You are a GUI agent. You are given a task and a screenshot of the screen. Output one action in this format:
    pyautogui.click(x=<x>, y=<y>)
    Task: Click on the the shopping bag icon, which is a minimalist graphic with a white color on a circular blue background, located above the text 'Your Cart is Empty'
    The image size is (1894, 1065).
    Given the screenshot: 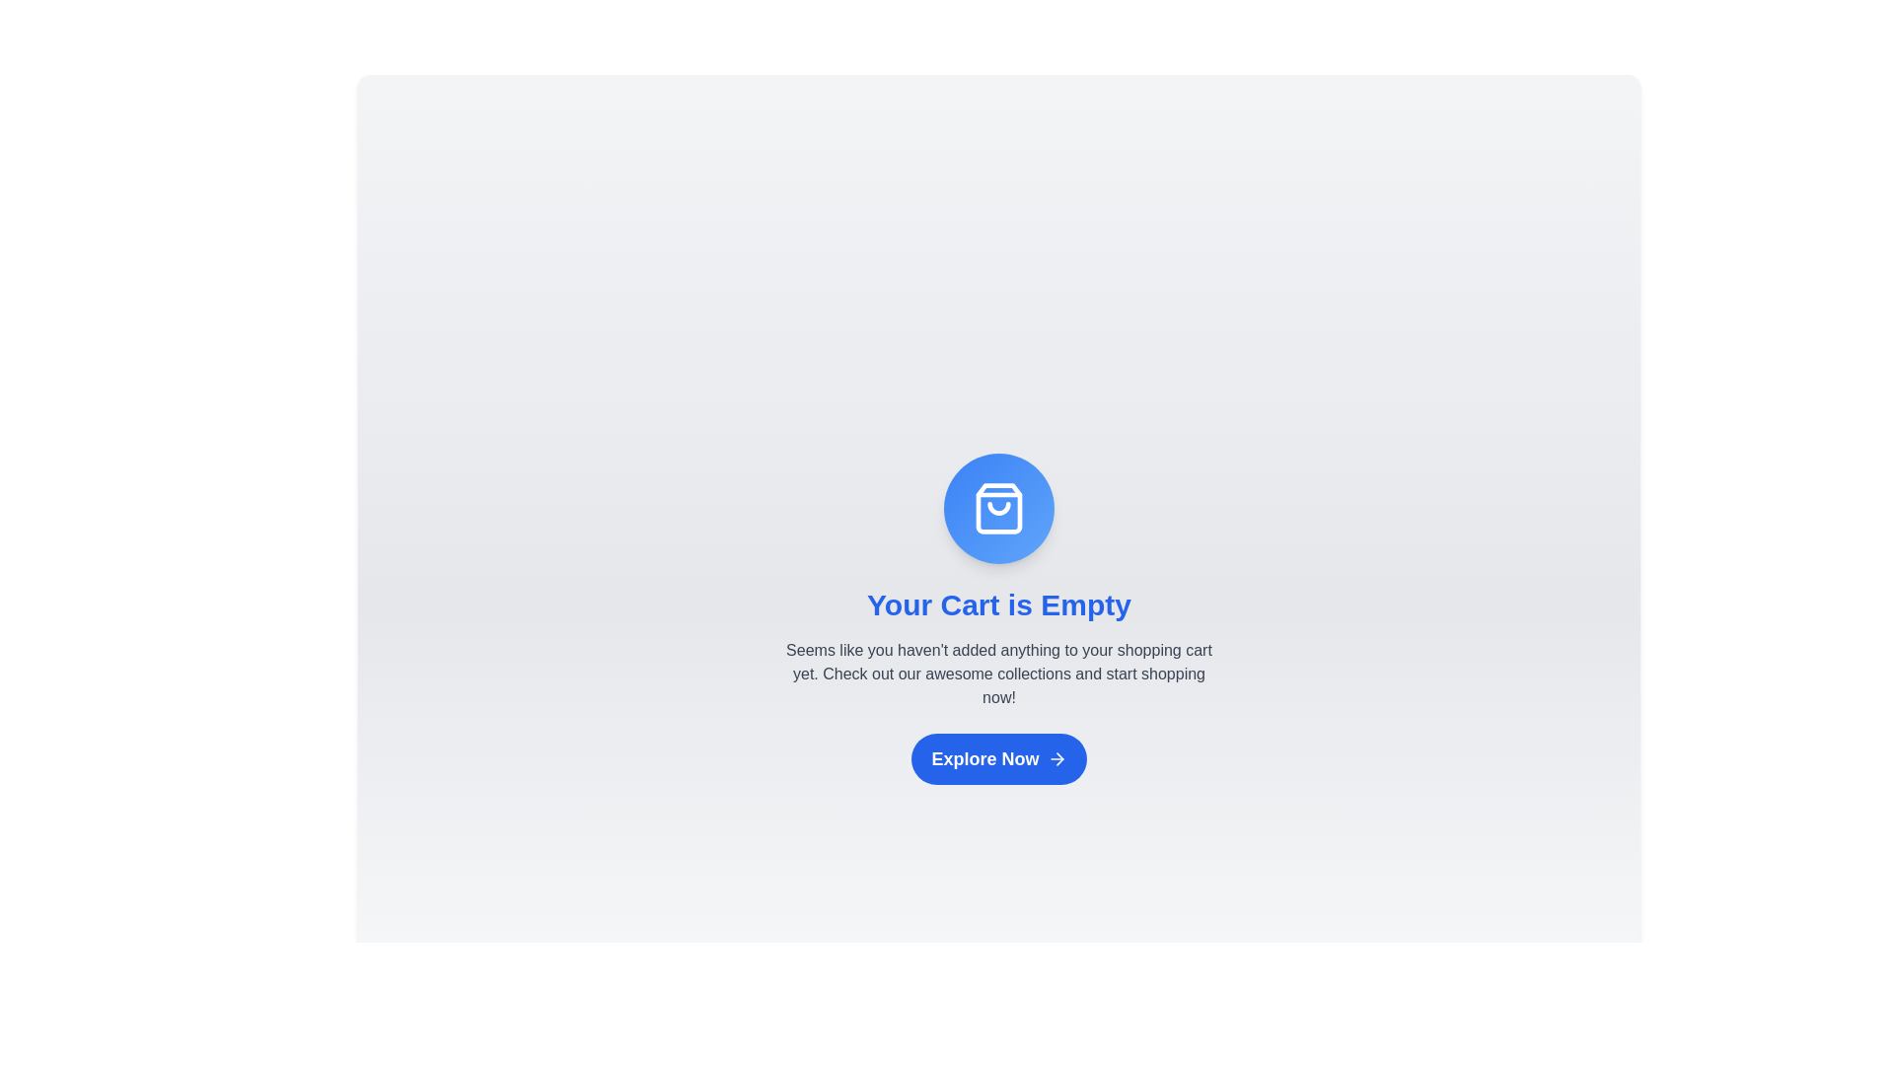 What is the action you would take?
    pyautogui.click(x=998, y=507)
    